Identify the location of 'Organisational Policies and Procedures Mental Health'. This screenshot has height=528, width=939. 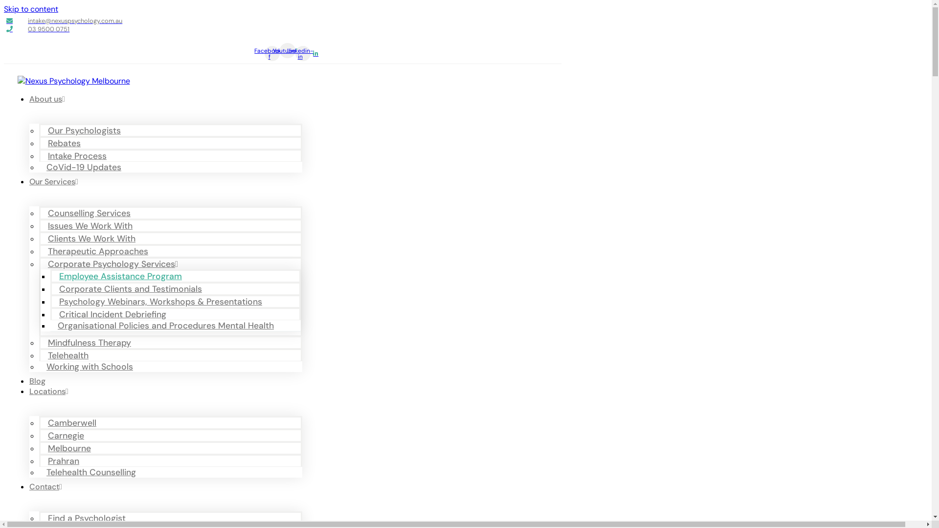
(168, 326).